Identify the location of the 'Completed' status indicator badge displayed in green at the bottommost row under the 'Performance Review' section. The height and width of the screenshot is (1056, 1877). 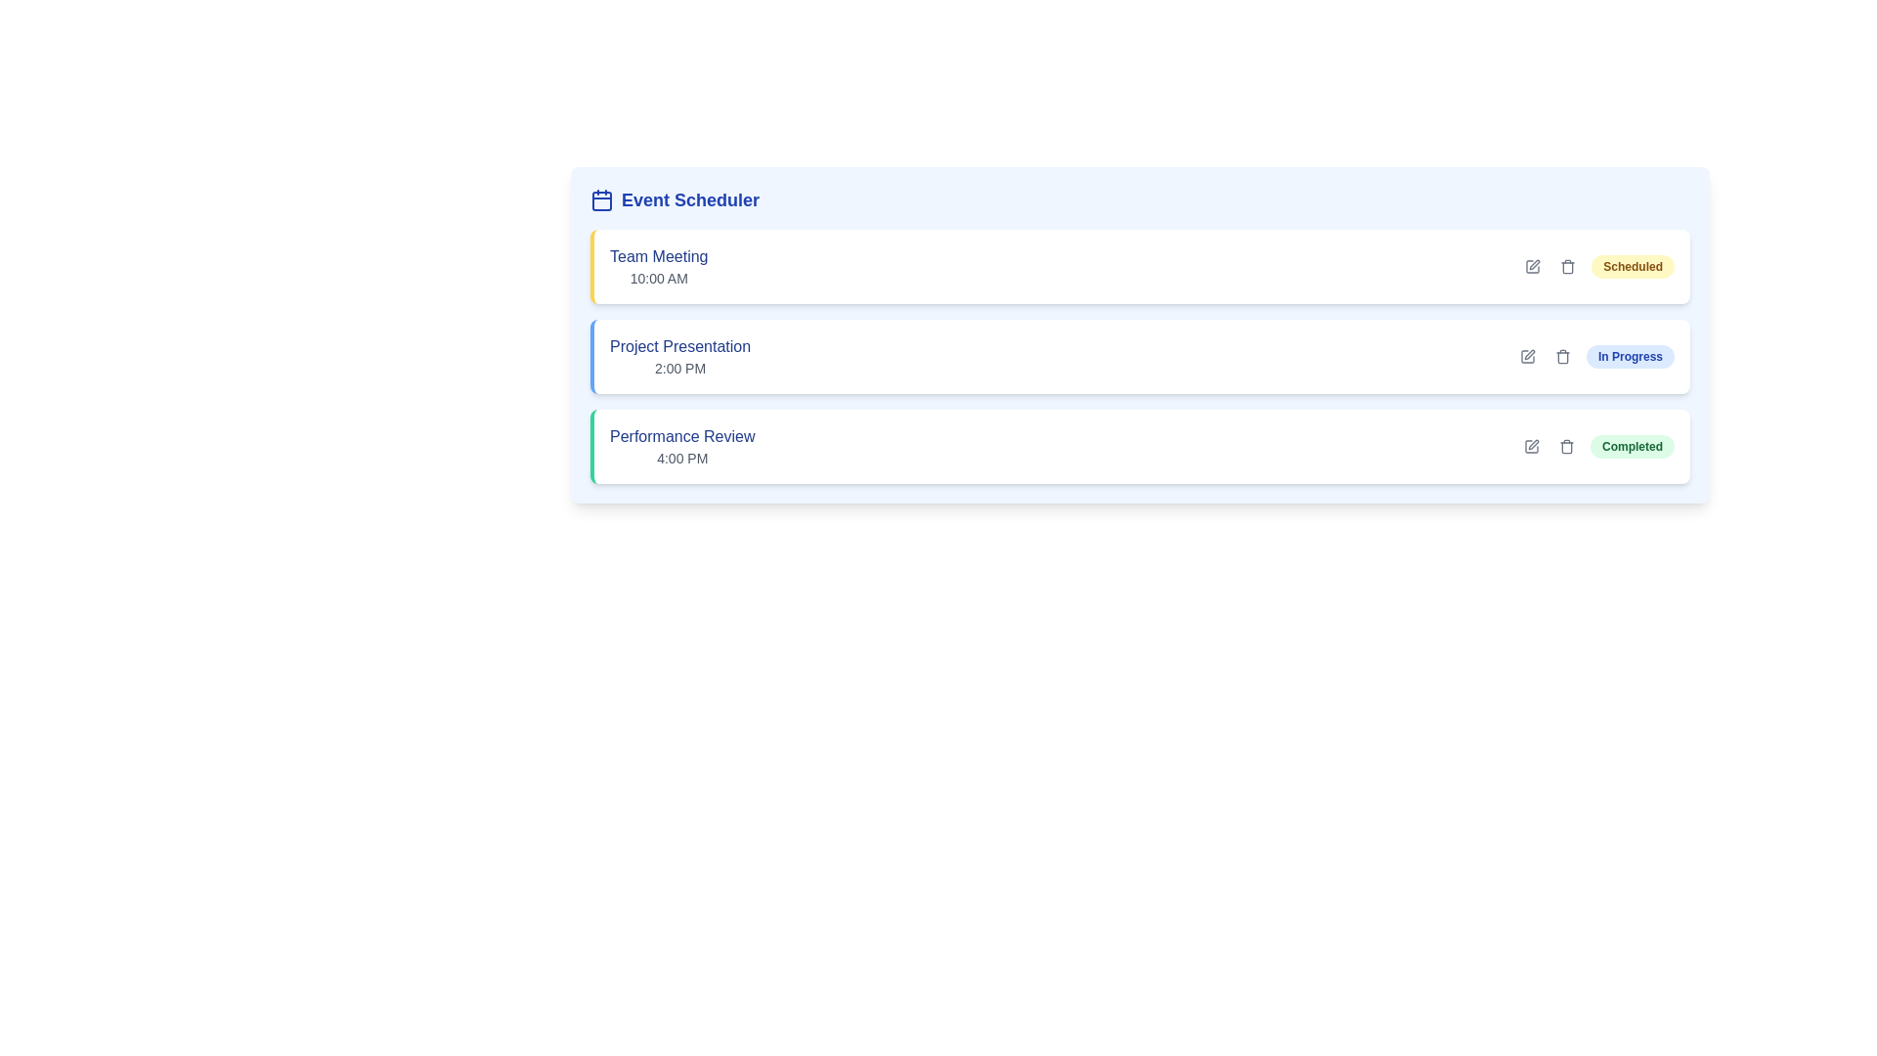
(1596, 446).